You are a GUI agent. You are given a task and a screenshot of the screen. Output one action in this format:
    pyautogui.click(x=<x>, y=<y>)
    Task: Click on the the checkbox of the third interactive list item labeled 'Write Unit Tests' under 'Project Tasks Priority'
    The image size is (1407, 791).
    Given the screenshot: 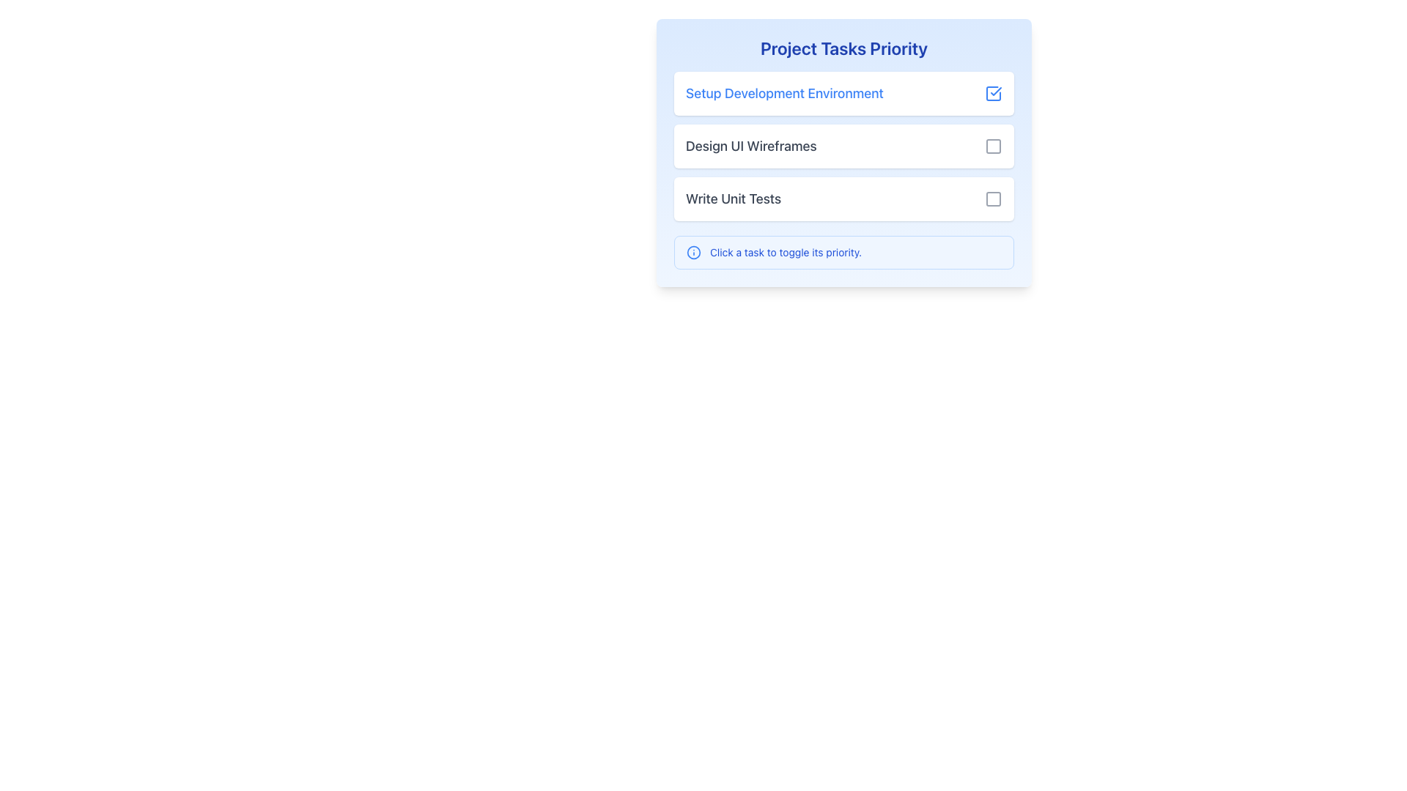 What is the action you would take?
    pyautogui.click(x=844, y=199)
    